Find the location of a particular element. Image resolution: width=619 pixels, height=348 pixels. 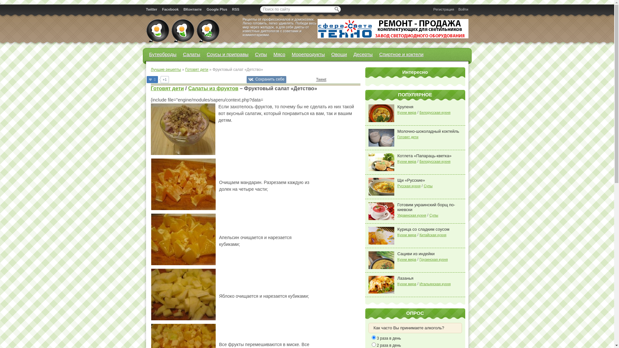

'Tweet' is located at coordinates (321, 79).